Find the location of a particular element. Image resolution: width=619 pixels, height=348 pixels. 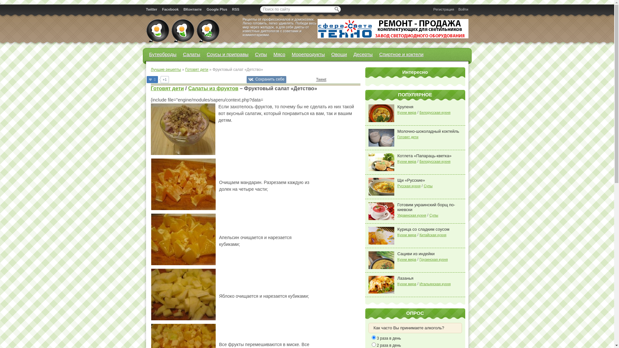

'Tweet' is located at coordinates (321, 79).